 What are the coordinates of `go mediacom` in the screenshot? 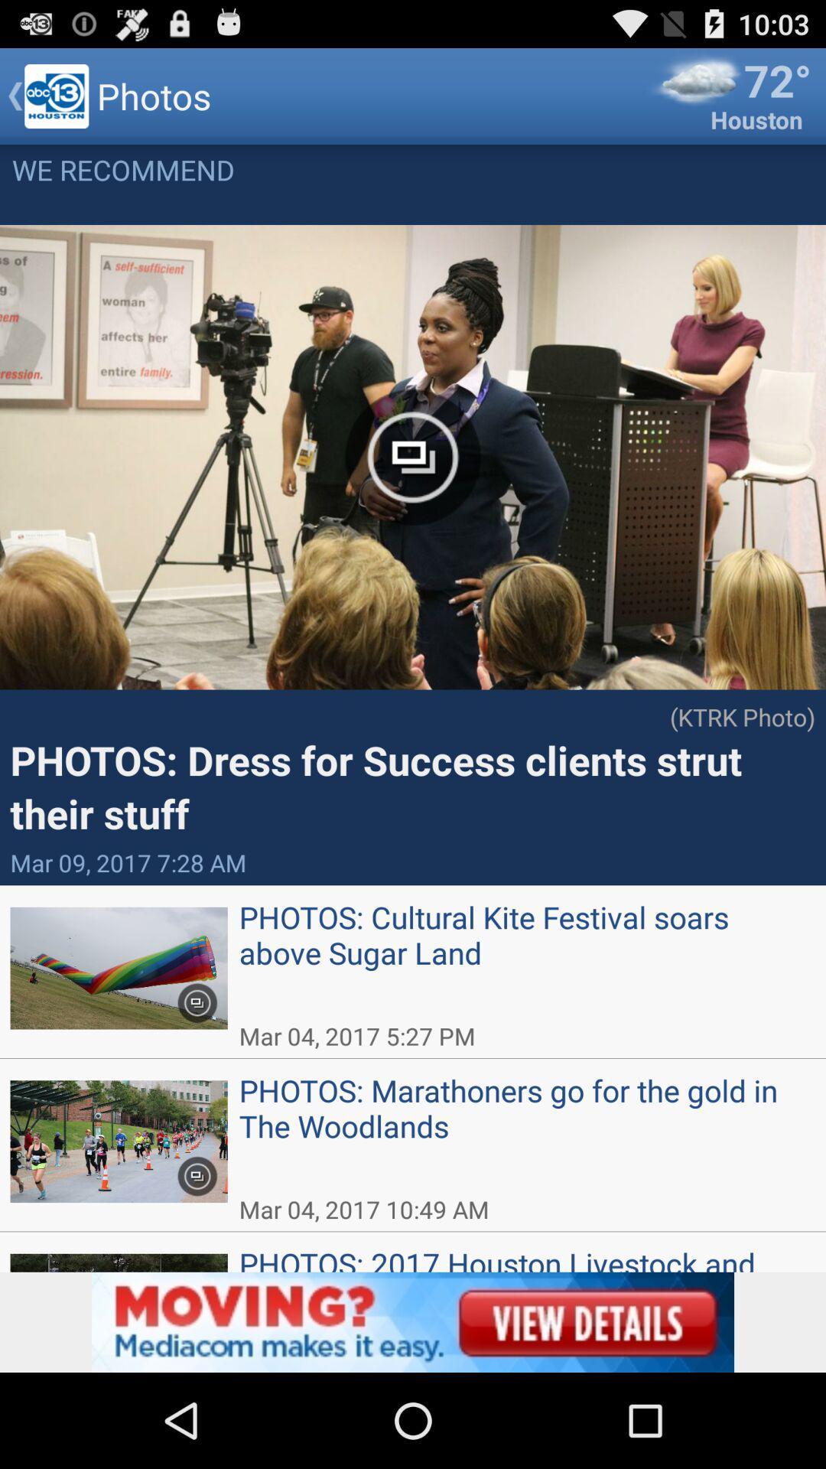 It's located at (413, 1321).